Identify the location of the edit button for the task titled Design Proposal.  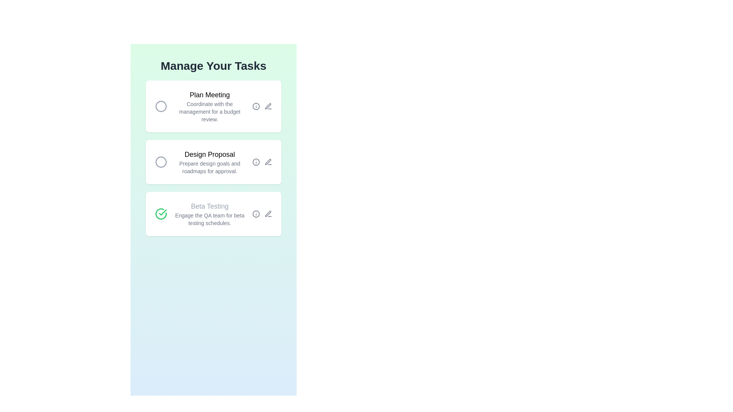
(268, 161).